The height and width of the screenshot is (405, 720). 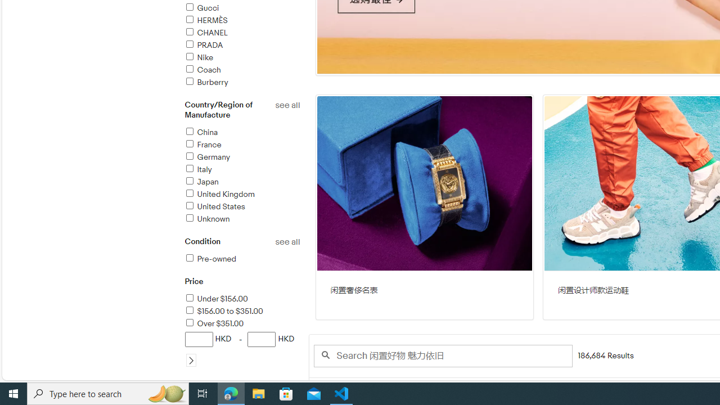 I want to click on 'See all country/region of manufacture refinements', so click(x=287, y=105).